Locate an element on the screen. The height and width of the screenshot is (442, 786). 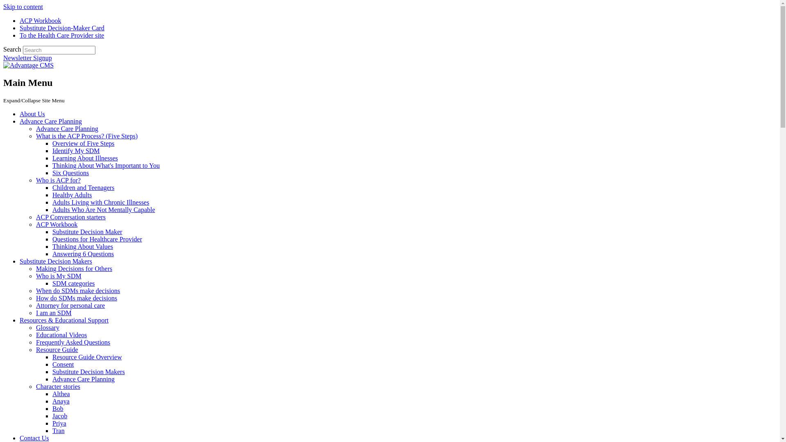
'Althea' is located at coordinates (61, 393).